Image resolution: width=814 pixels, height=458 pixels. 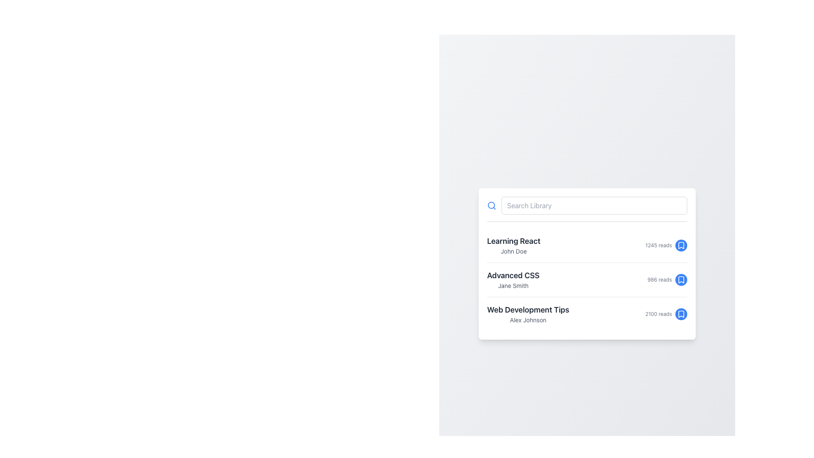 I want to click on value displayed in the read counter text located at the far-right side of the third item in the list, adjacent to the bookmark icon button, so click(x=658, y=314).